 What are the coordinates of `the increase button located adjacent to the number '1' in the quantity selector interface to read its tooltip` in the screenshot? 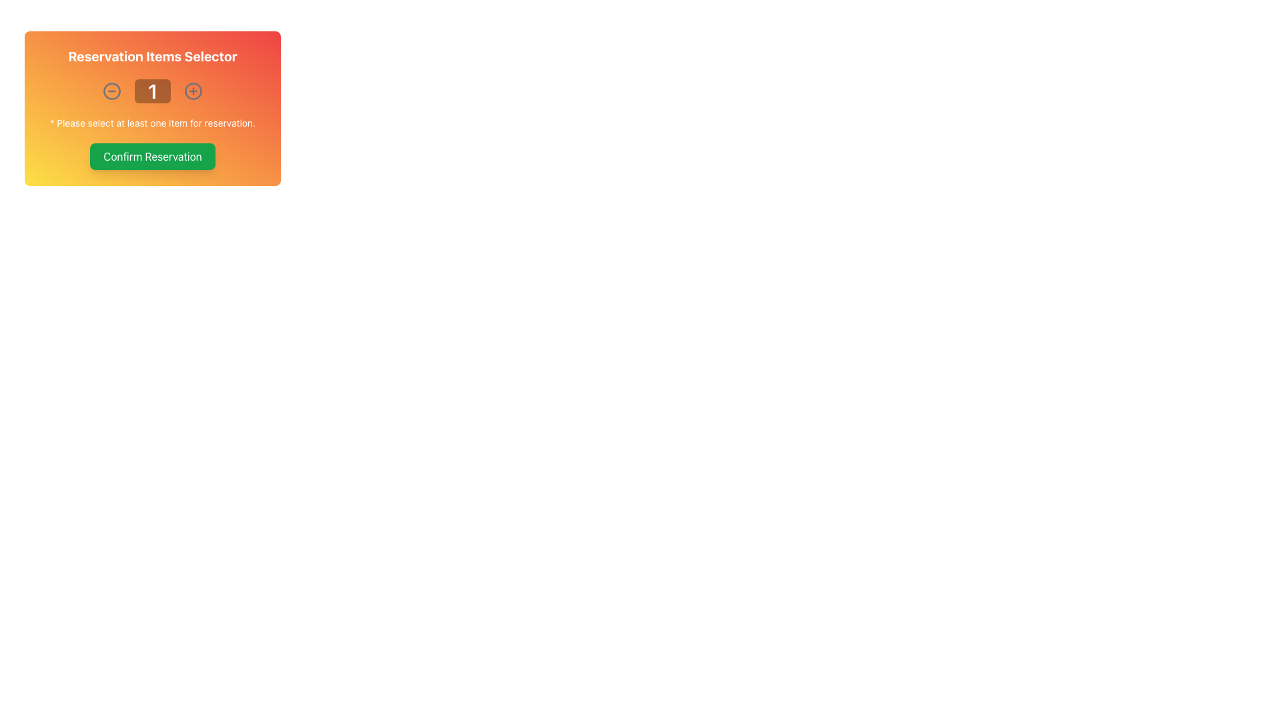 It's located at (193, 91).